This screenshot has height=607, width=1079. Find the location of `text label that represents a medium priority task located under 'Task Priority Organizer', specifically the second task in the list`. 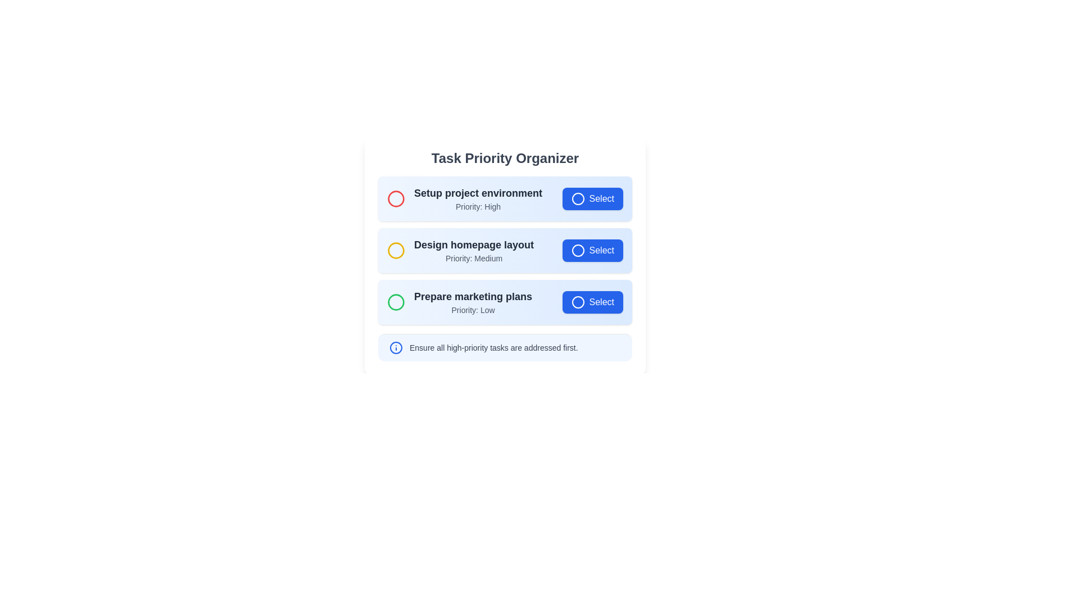

text label that represents a medium priority task located under 'Task Priority Organizer', specifically the second task in the list is located at coordinates (474, 250).